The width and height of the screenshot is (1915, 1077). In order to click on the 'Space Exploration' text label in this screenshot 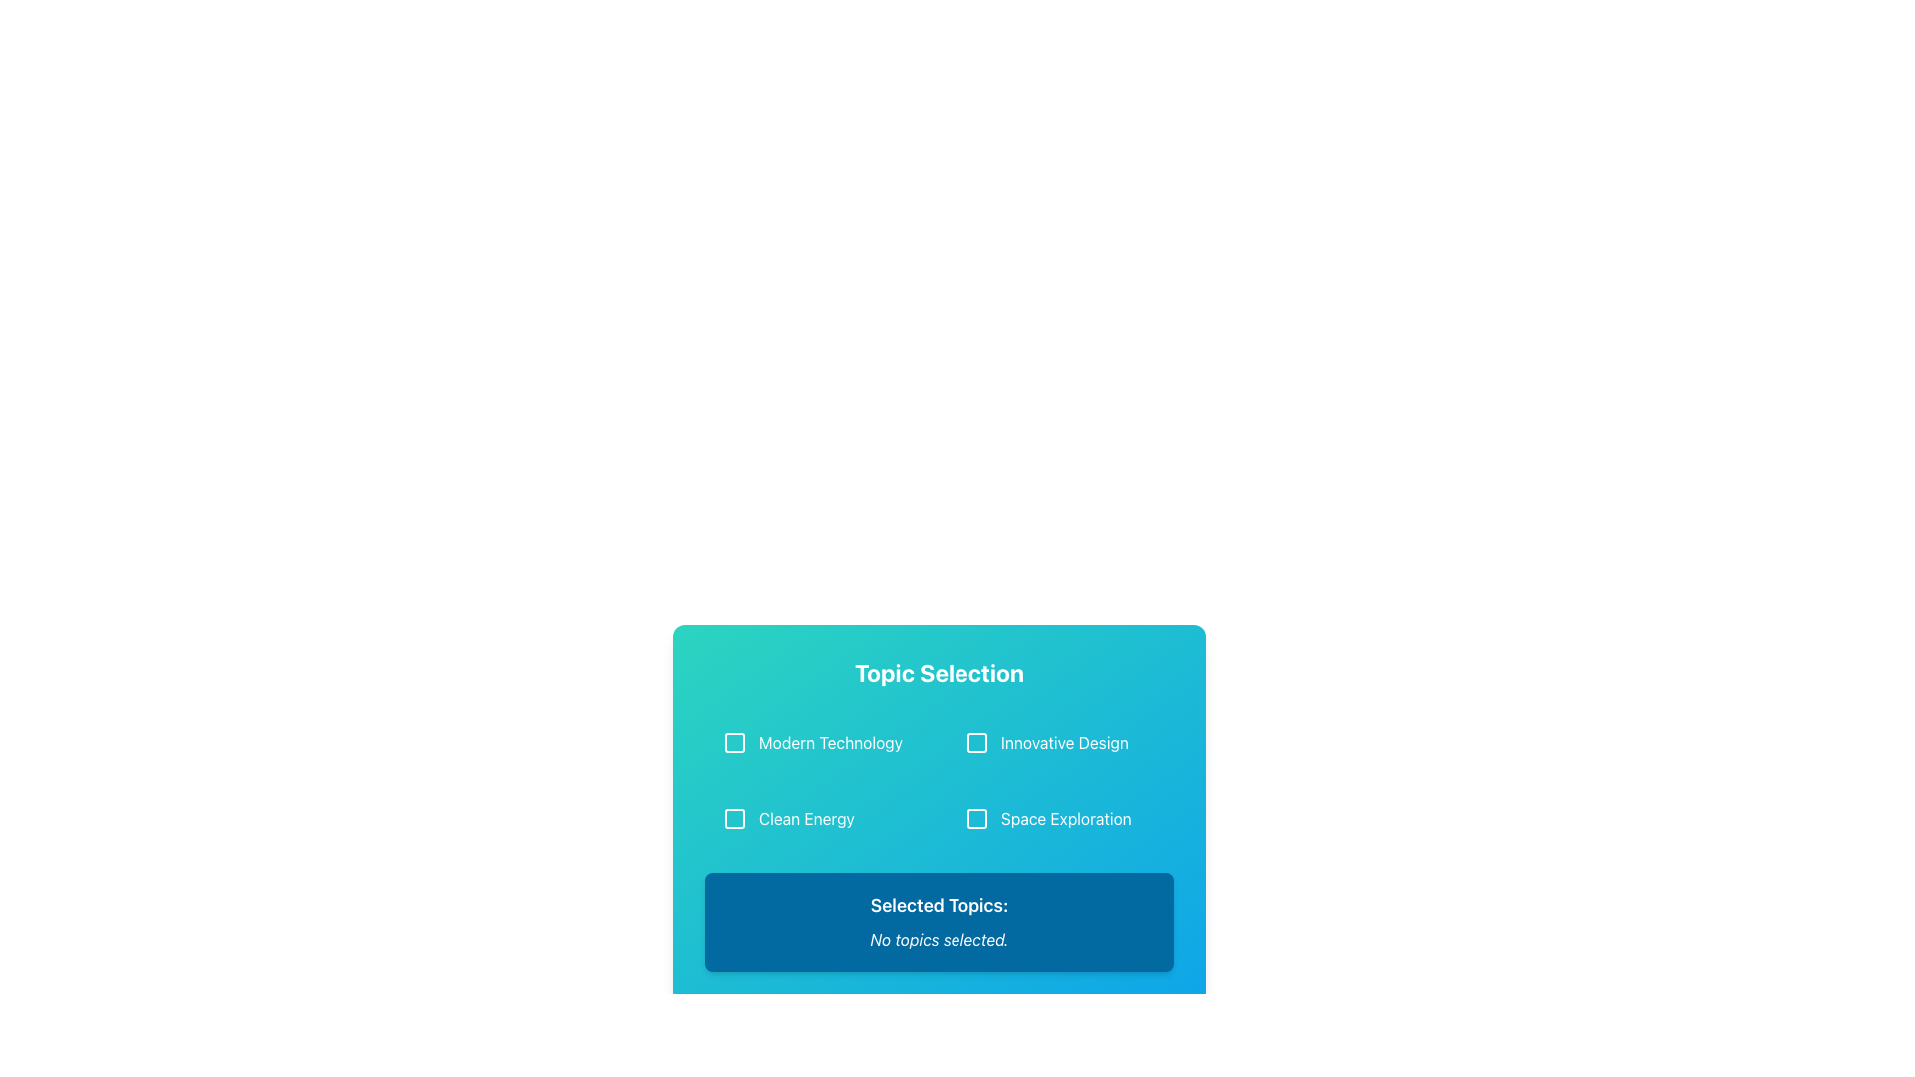, I will do `click(1065, 819)`.